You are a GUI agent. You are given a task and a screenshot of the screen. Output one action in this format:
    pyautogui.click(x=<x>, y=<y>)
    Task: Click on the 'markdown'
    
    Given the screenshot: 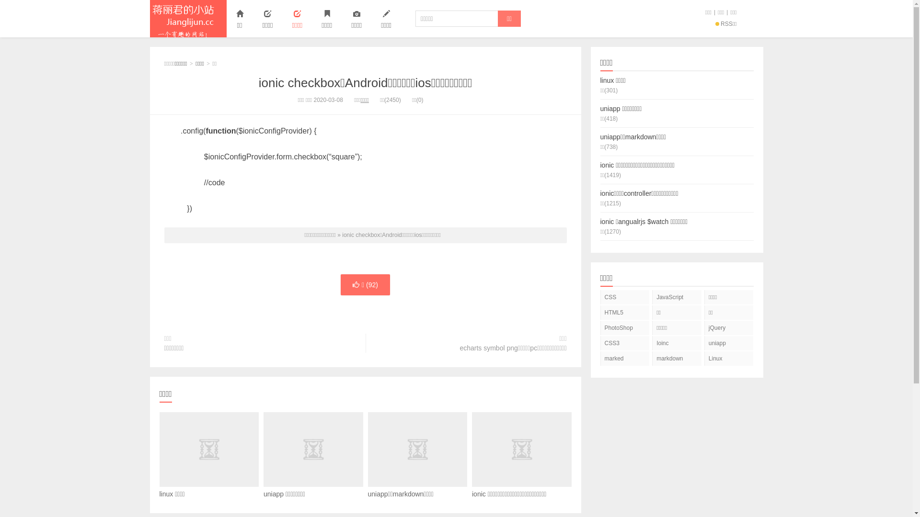 What is the action you would take?
    pyautogui.click(x=652, y=358)
    